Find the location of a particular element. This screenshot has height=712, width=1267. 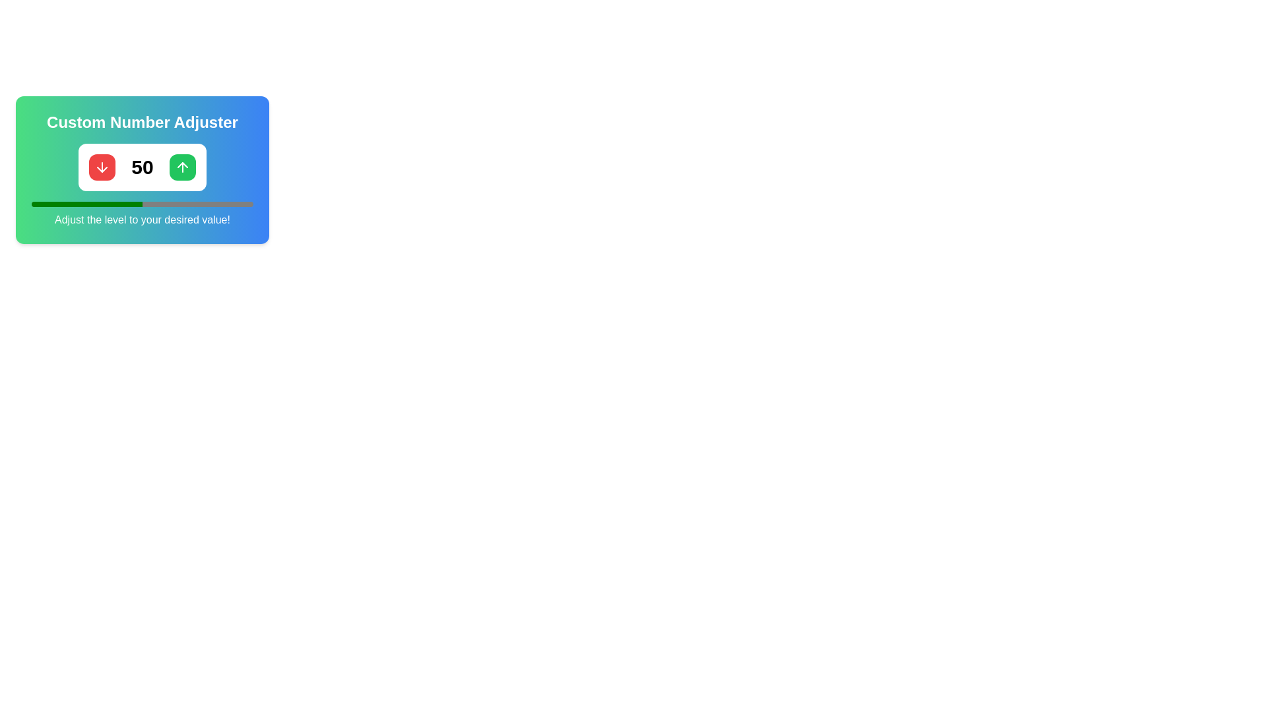

the numeric text display showing the value '50', which is centrally aligned between two buttons within a white, rounded background card is located at coordinates (143, 167).